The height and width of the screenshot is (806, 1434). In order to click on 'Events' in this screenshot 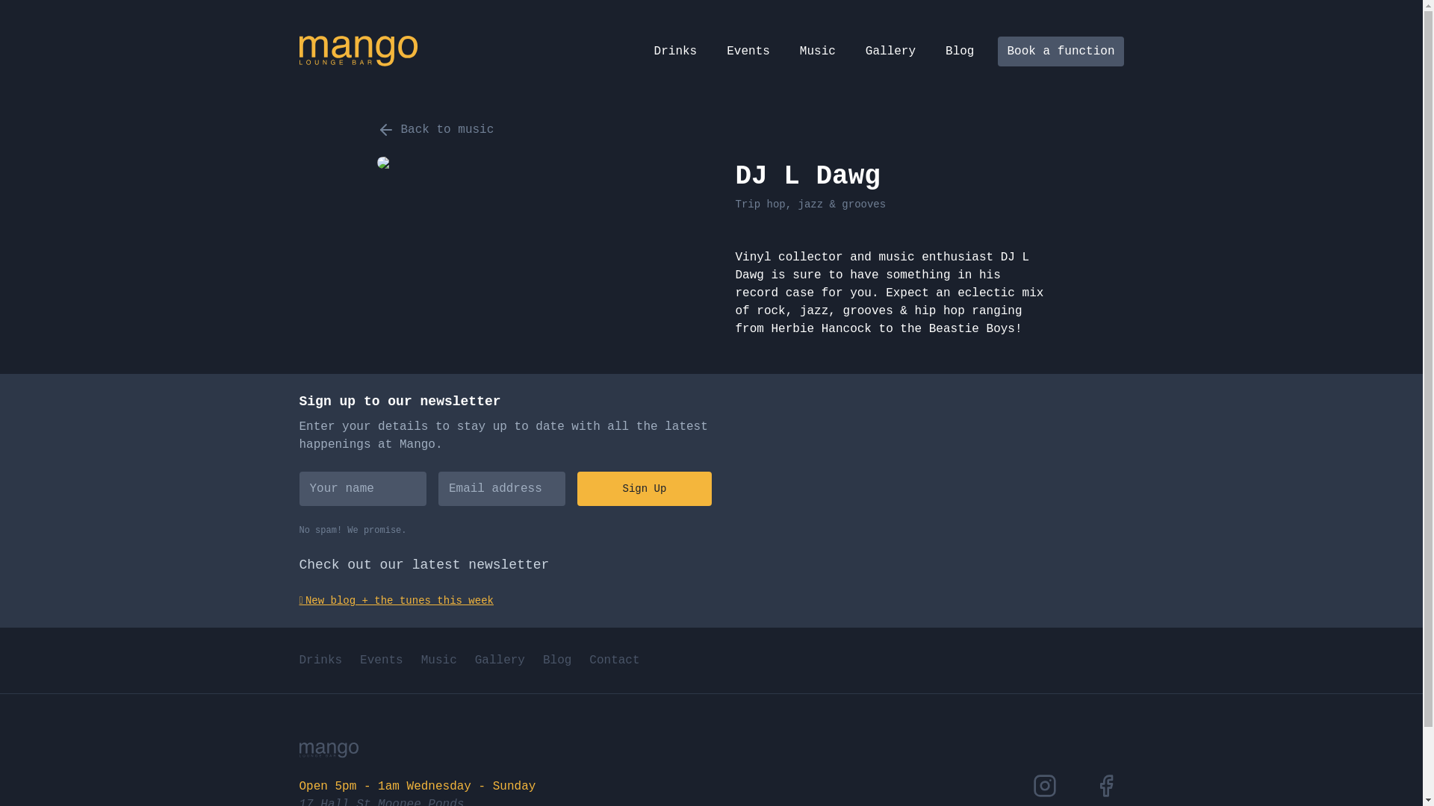, I will do `click(381, 659)`.